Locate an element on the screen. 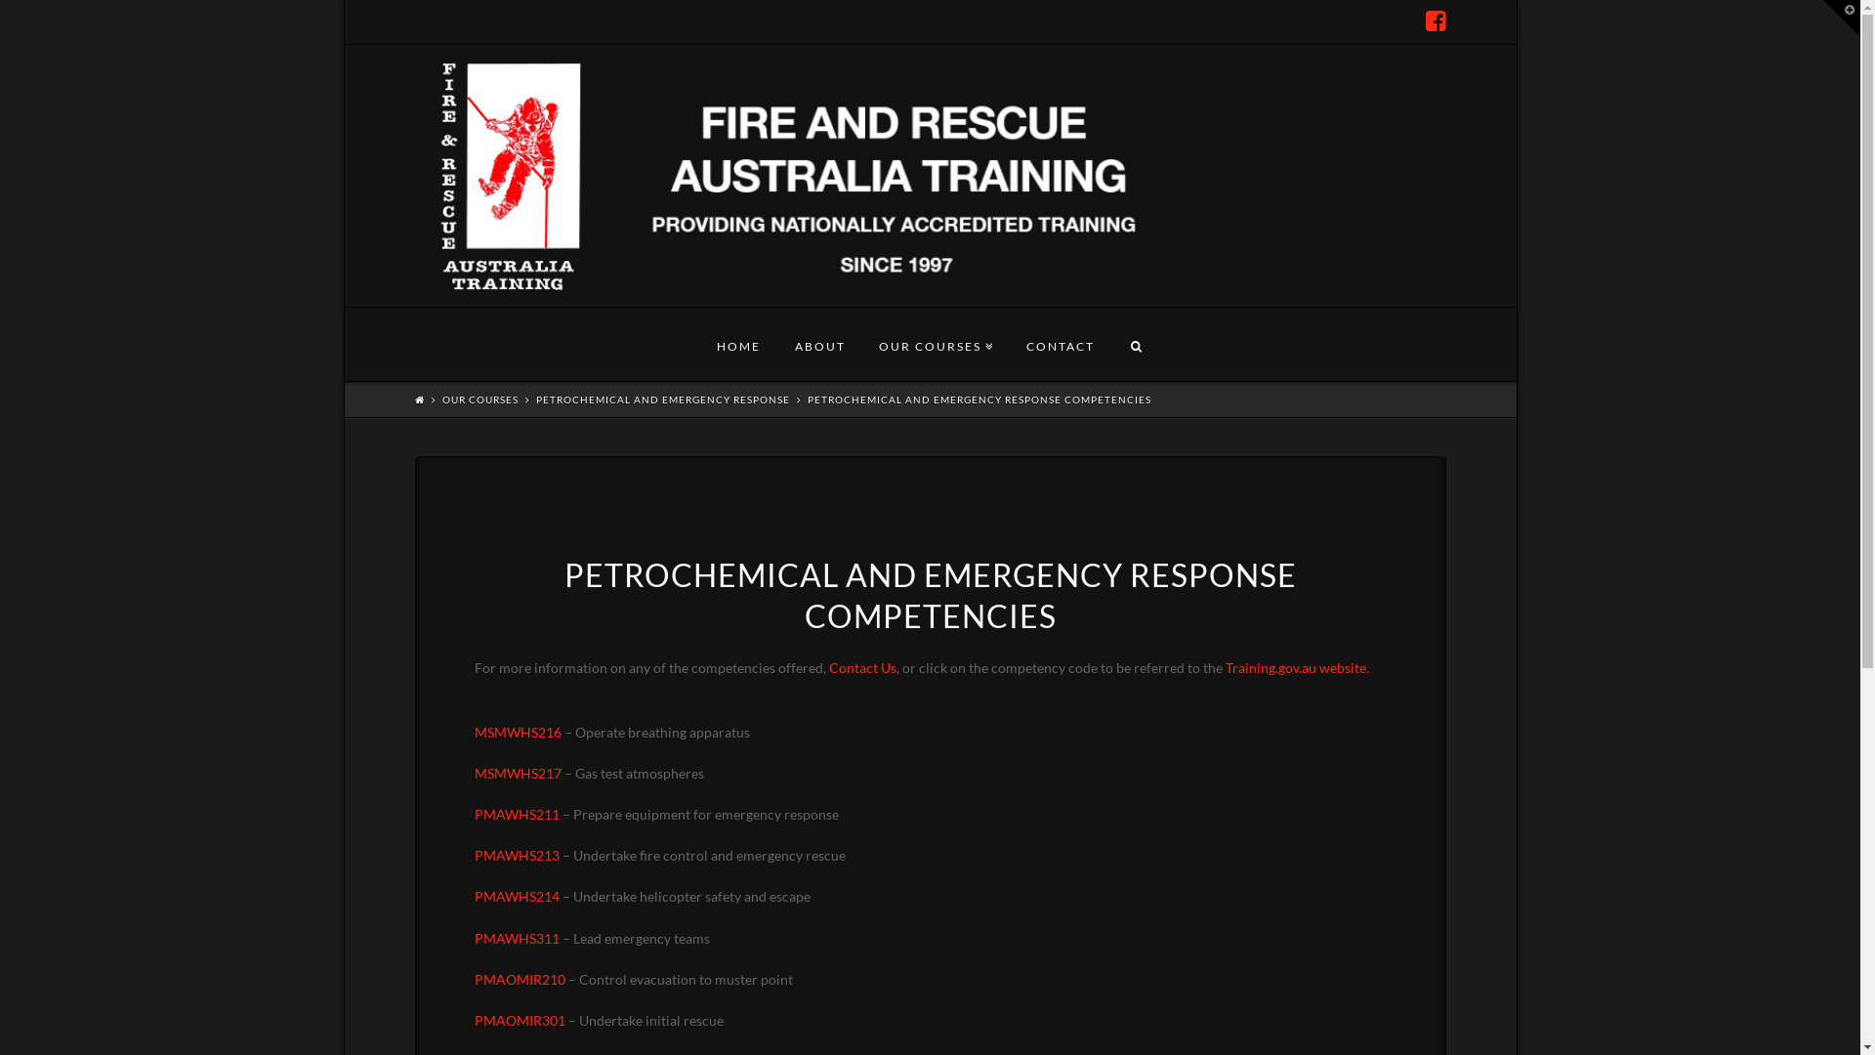 This screenshot has width=1875, height=1055. 'PMAWHS213' is located at coordinates (517, 854).